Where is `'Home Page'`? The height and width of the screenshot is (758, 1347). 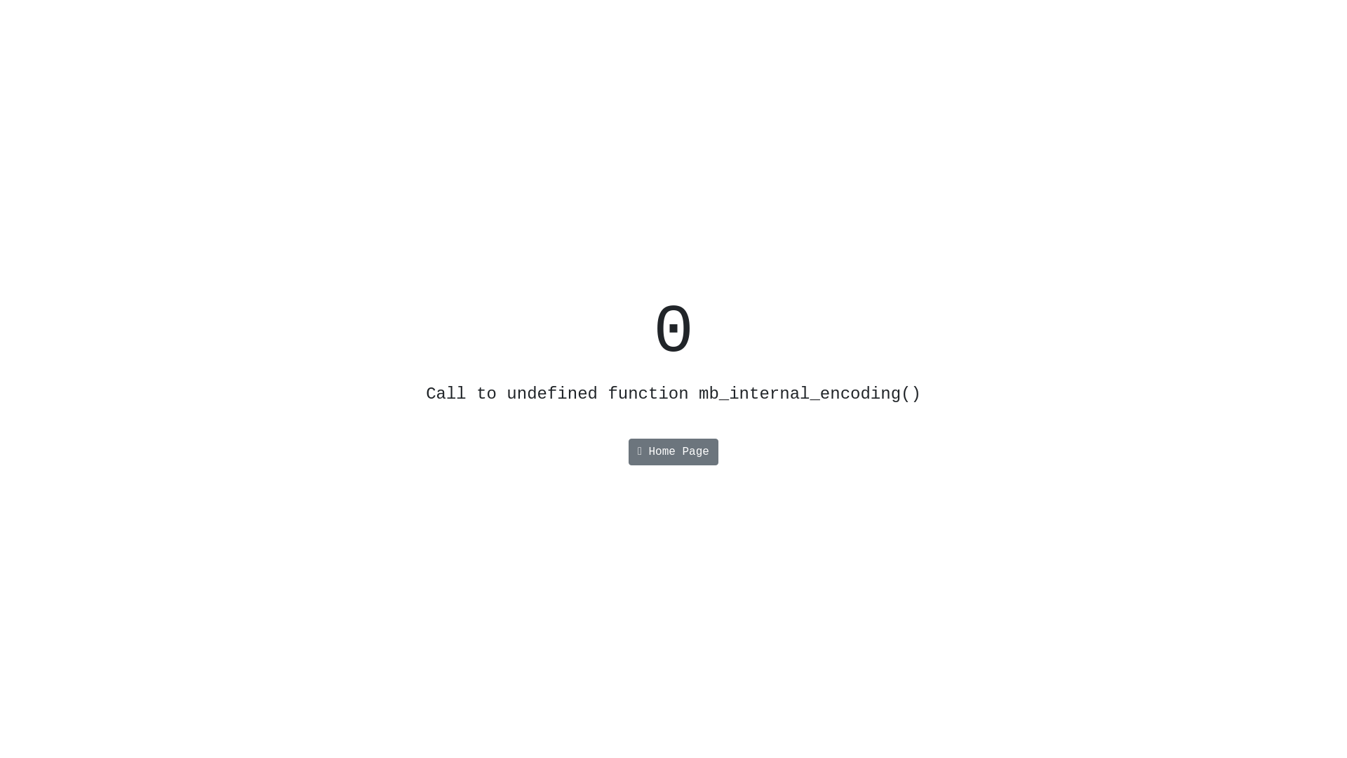 'Home Page' is located at coordinates (673, 452).